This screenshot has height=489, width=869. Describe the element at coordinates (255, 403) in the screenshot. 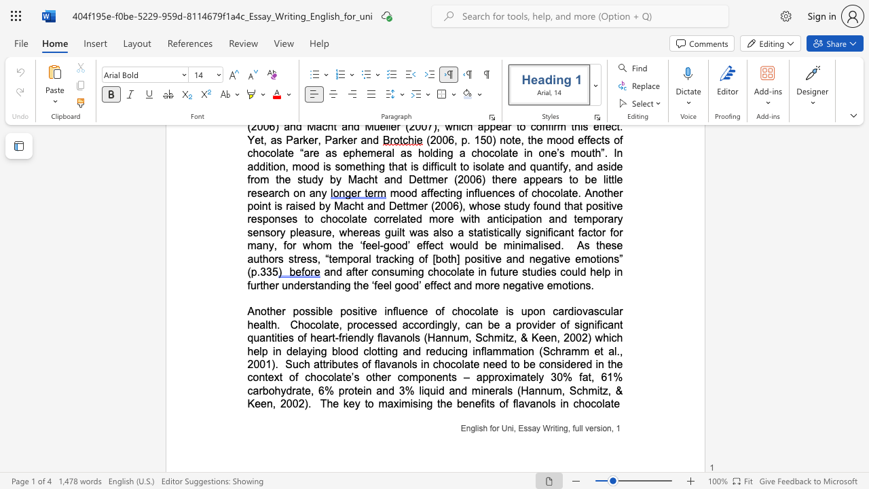

I see `the subset text "een, 20" within the text "mitz, & Keen, 2002)"` at that location.